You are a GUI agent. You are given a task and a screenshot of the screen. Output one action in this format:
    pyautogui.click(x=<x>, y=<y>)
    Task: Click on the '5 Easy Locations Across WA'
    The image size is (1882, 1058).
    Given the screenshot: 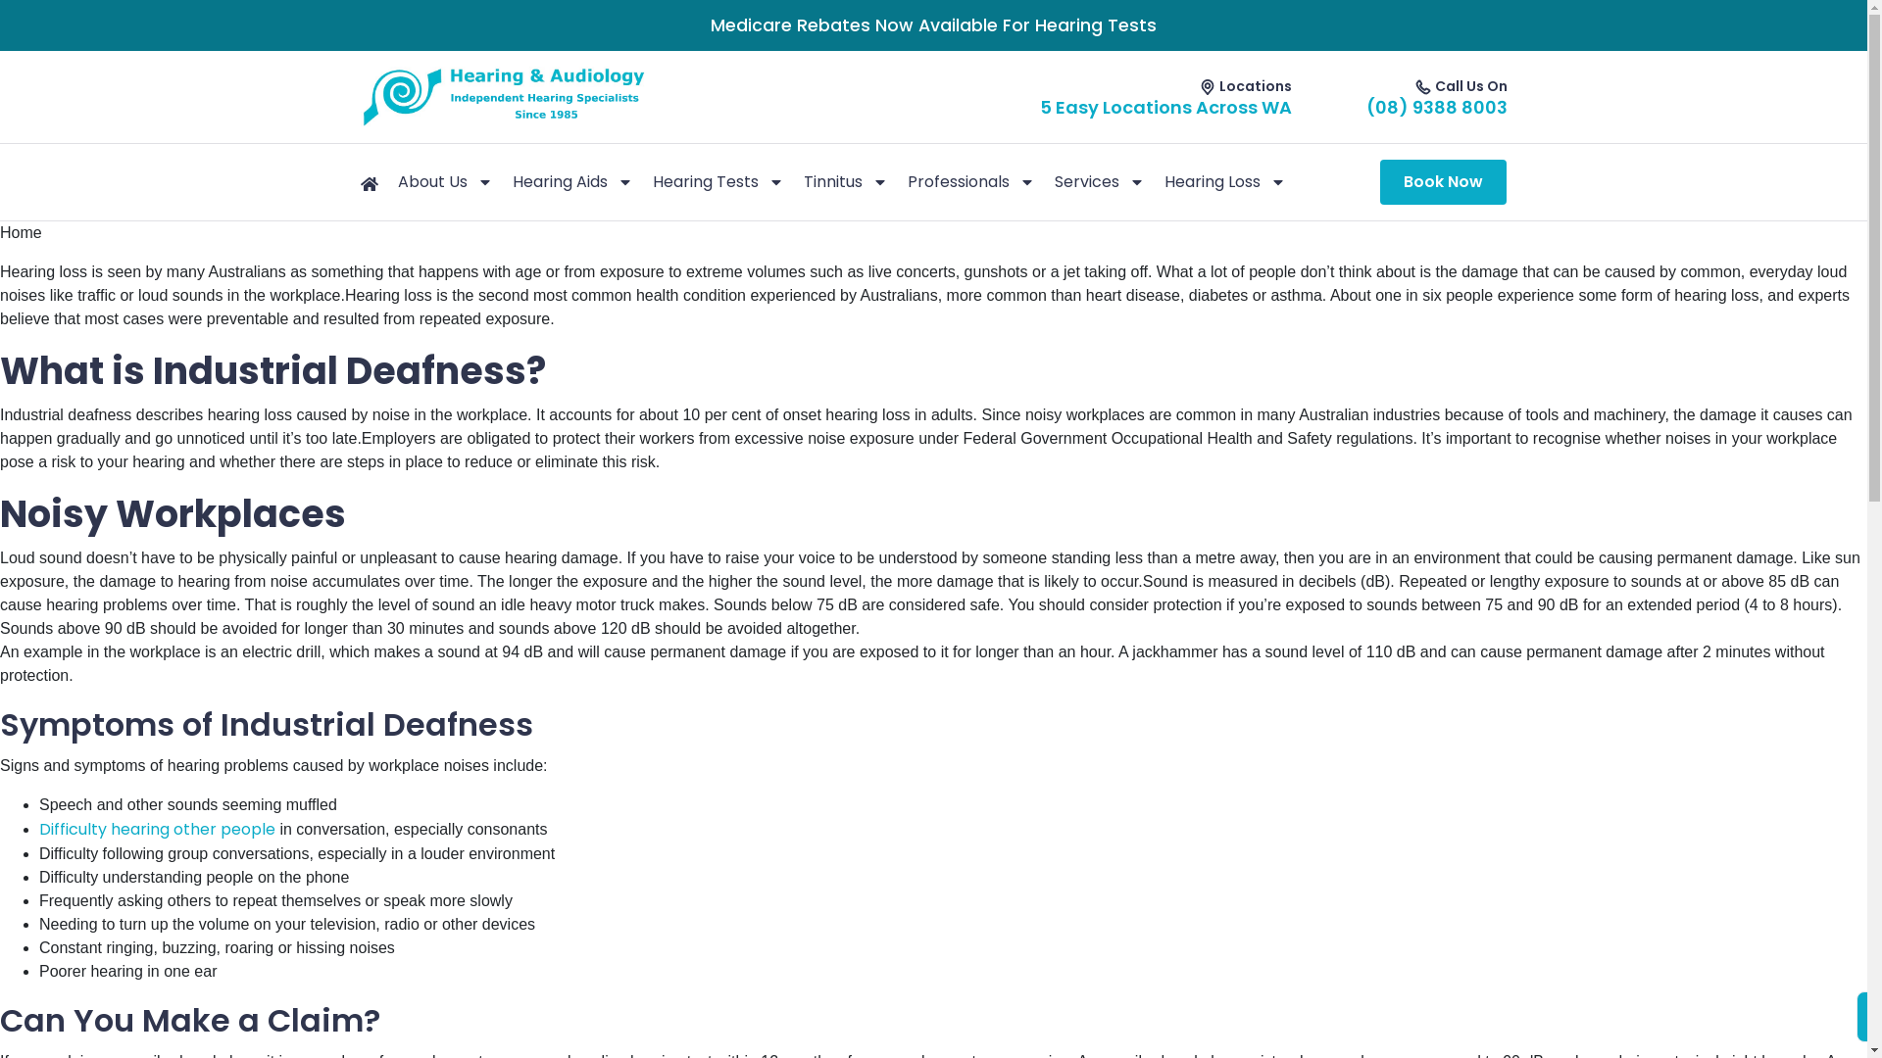 What is the action you would take?
    pyautogui.click(x=1165, y=107)
    